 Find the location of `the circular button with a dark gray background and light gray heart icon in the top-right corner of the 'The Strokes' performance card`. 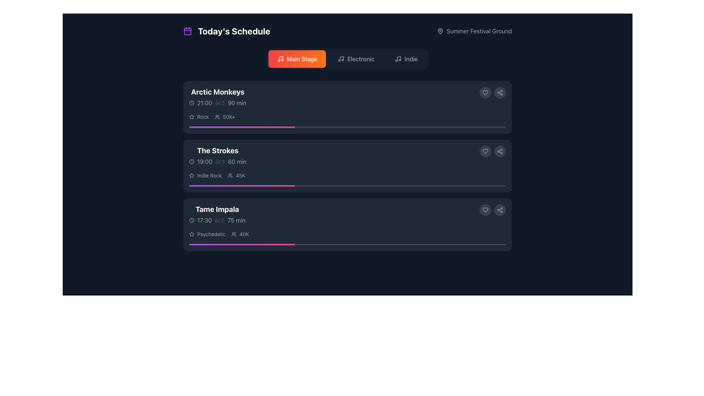

the circular button with a dark gray background and light gray heart icon in the top-right corner of the 'The Strokes' performance card is located at coordinates (485, 151).